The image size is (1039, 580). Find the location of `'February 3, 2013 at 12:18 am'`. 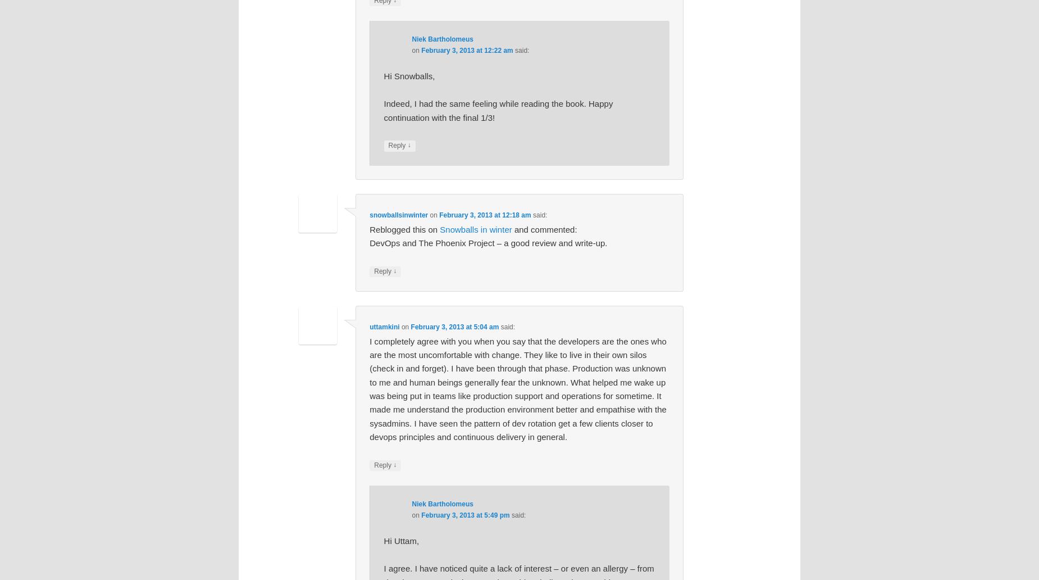

'February 3, 2013 at 12:18 am' is located at coordinates (485, 215).